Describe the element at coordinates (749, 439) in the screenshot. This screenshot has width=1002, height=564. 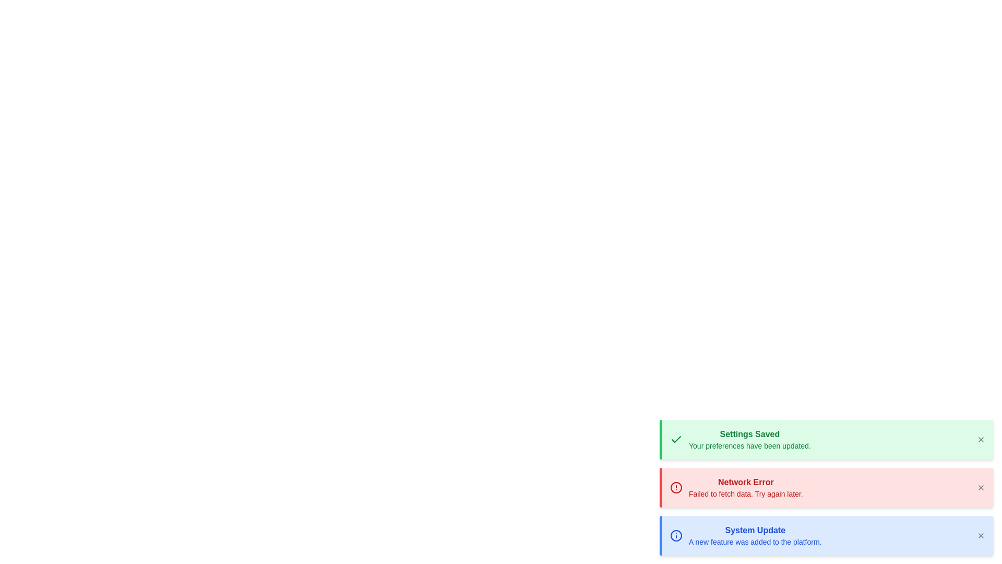
I see `the 'Settings Saved' notification message element with a green background that contains the text 'Settings Saved' and 'Your preferences have been updated', located in the bottom-right section of the interface` at that location.